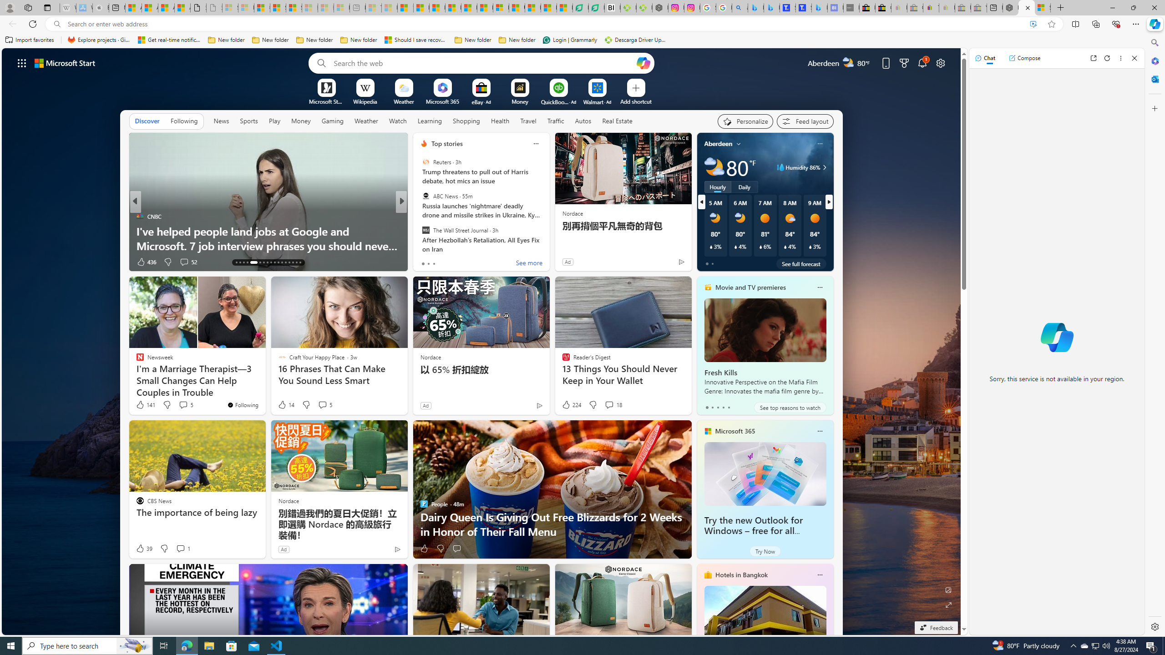 The image size is (1165, 655). Describe the element at coordinates (801, 263) in the screenshot. I see `'See full forecast'` at that location.